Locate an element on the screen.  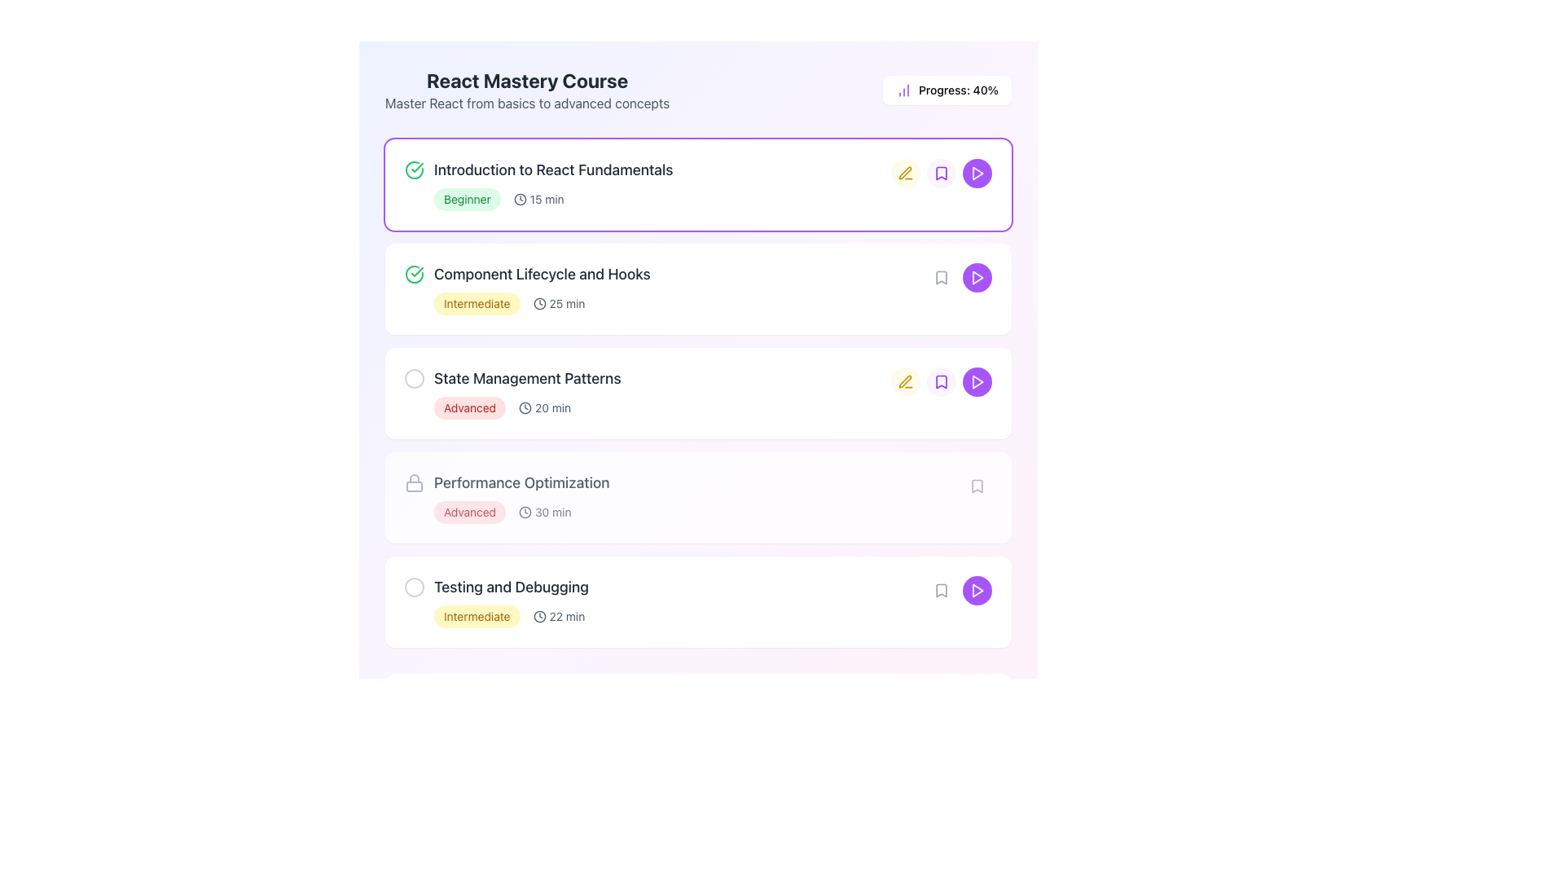
the 'Advanced' label badge with a light red background, which is part of the 'State Management Patterns' section in the course modules list is located at coordinates (468, 407).